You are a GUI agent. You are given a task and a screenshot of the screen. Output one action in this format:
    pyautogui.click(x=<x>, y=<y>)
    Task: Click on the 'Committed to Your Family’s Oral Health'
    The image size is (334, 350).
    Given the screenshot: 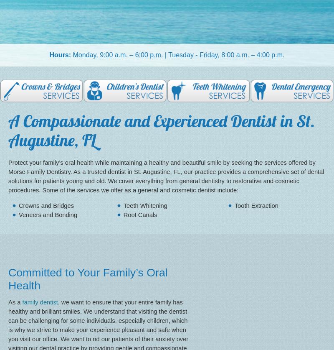 What is the action you would take?
    pyautogui.click(x=88, y=278)
    